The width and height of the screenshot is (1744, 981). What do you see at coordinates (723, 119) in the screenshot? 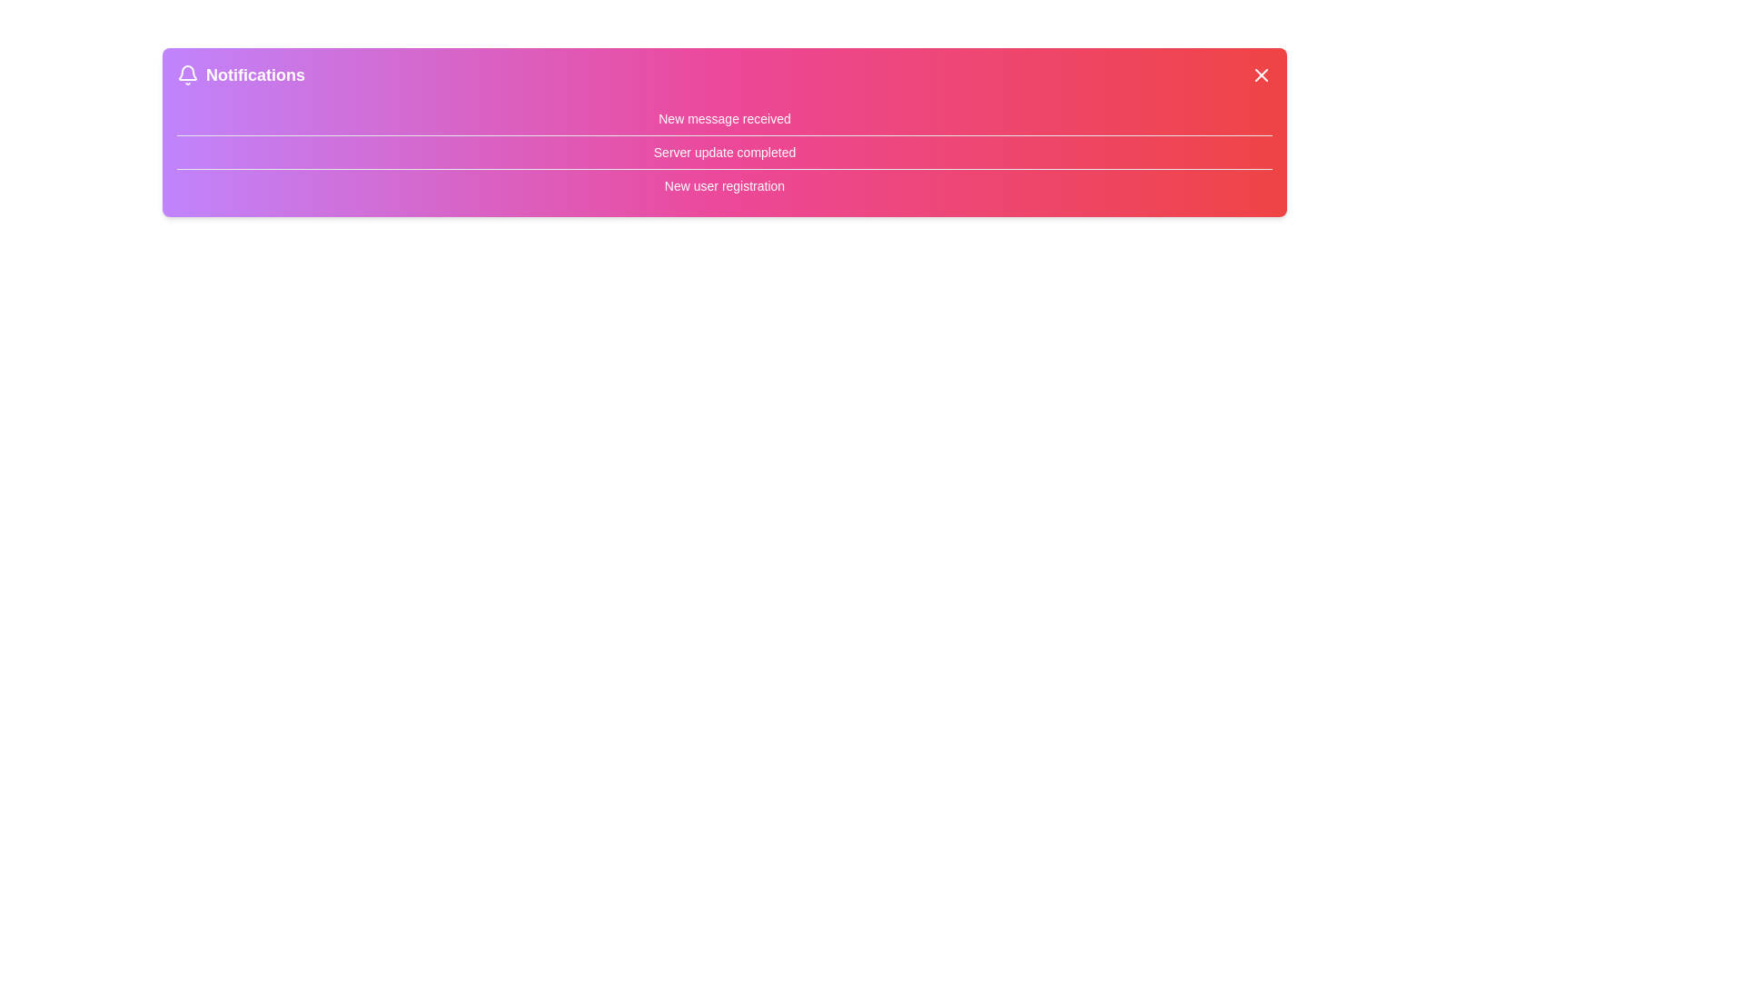
I see `message displayed in the Text Display that shows 'New message received' in white text on a gradient background` at bounding box center [723, 119].